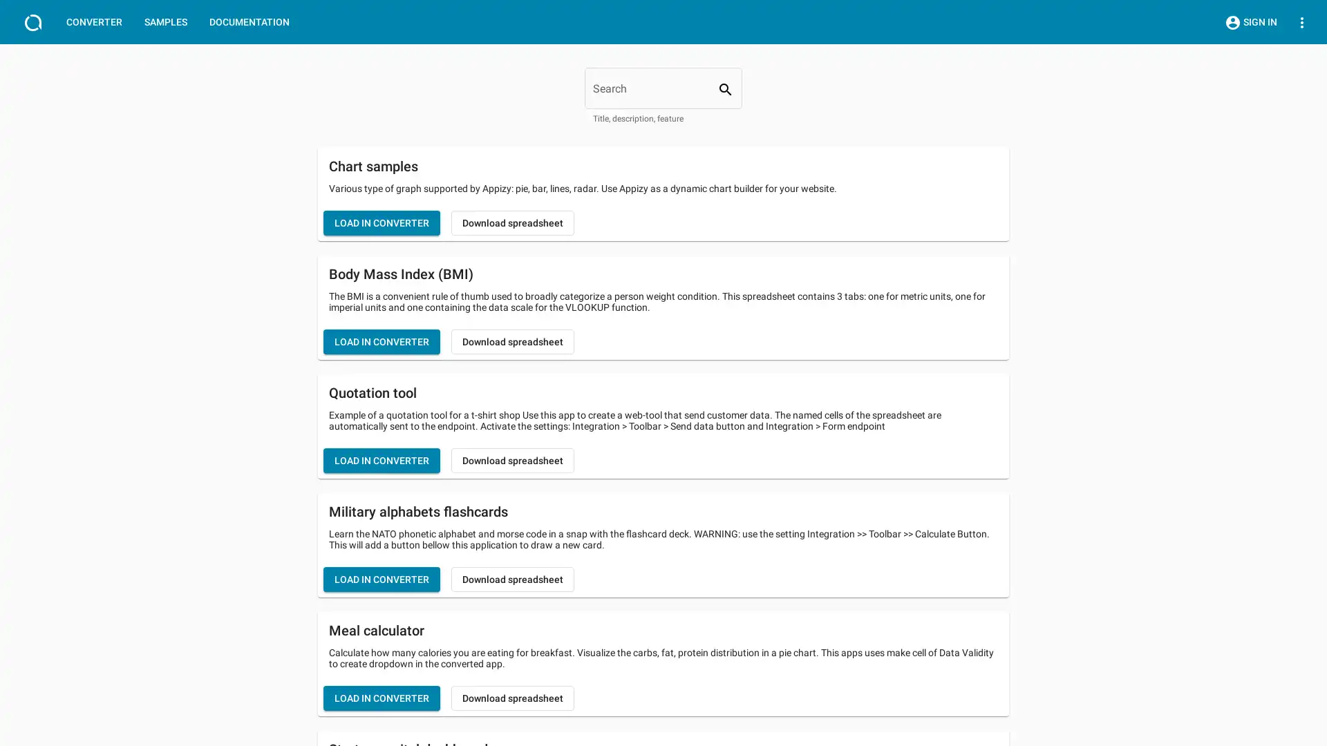  What do you see at coordinates (512, 222) in the screenshot?
I see `Download spreadsheet` at bounding box center [512, 222].